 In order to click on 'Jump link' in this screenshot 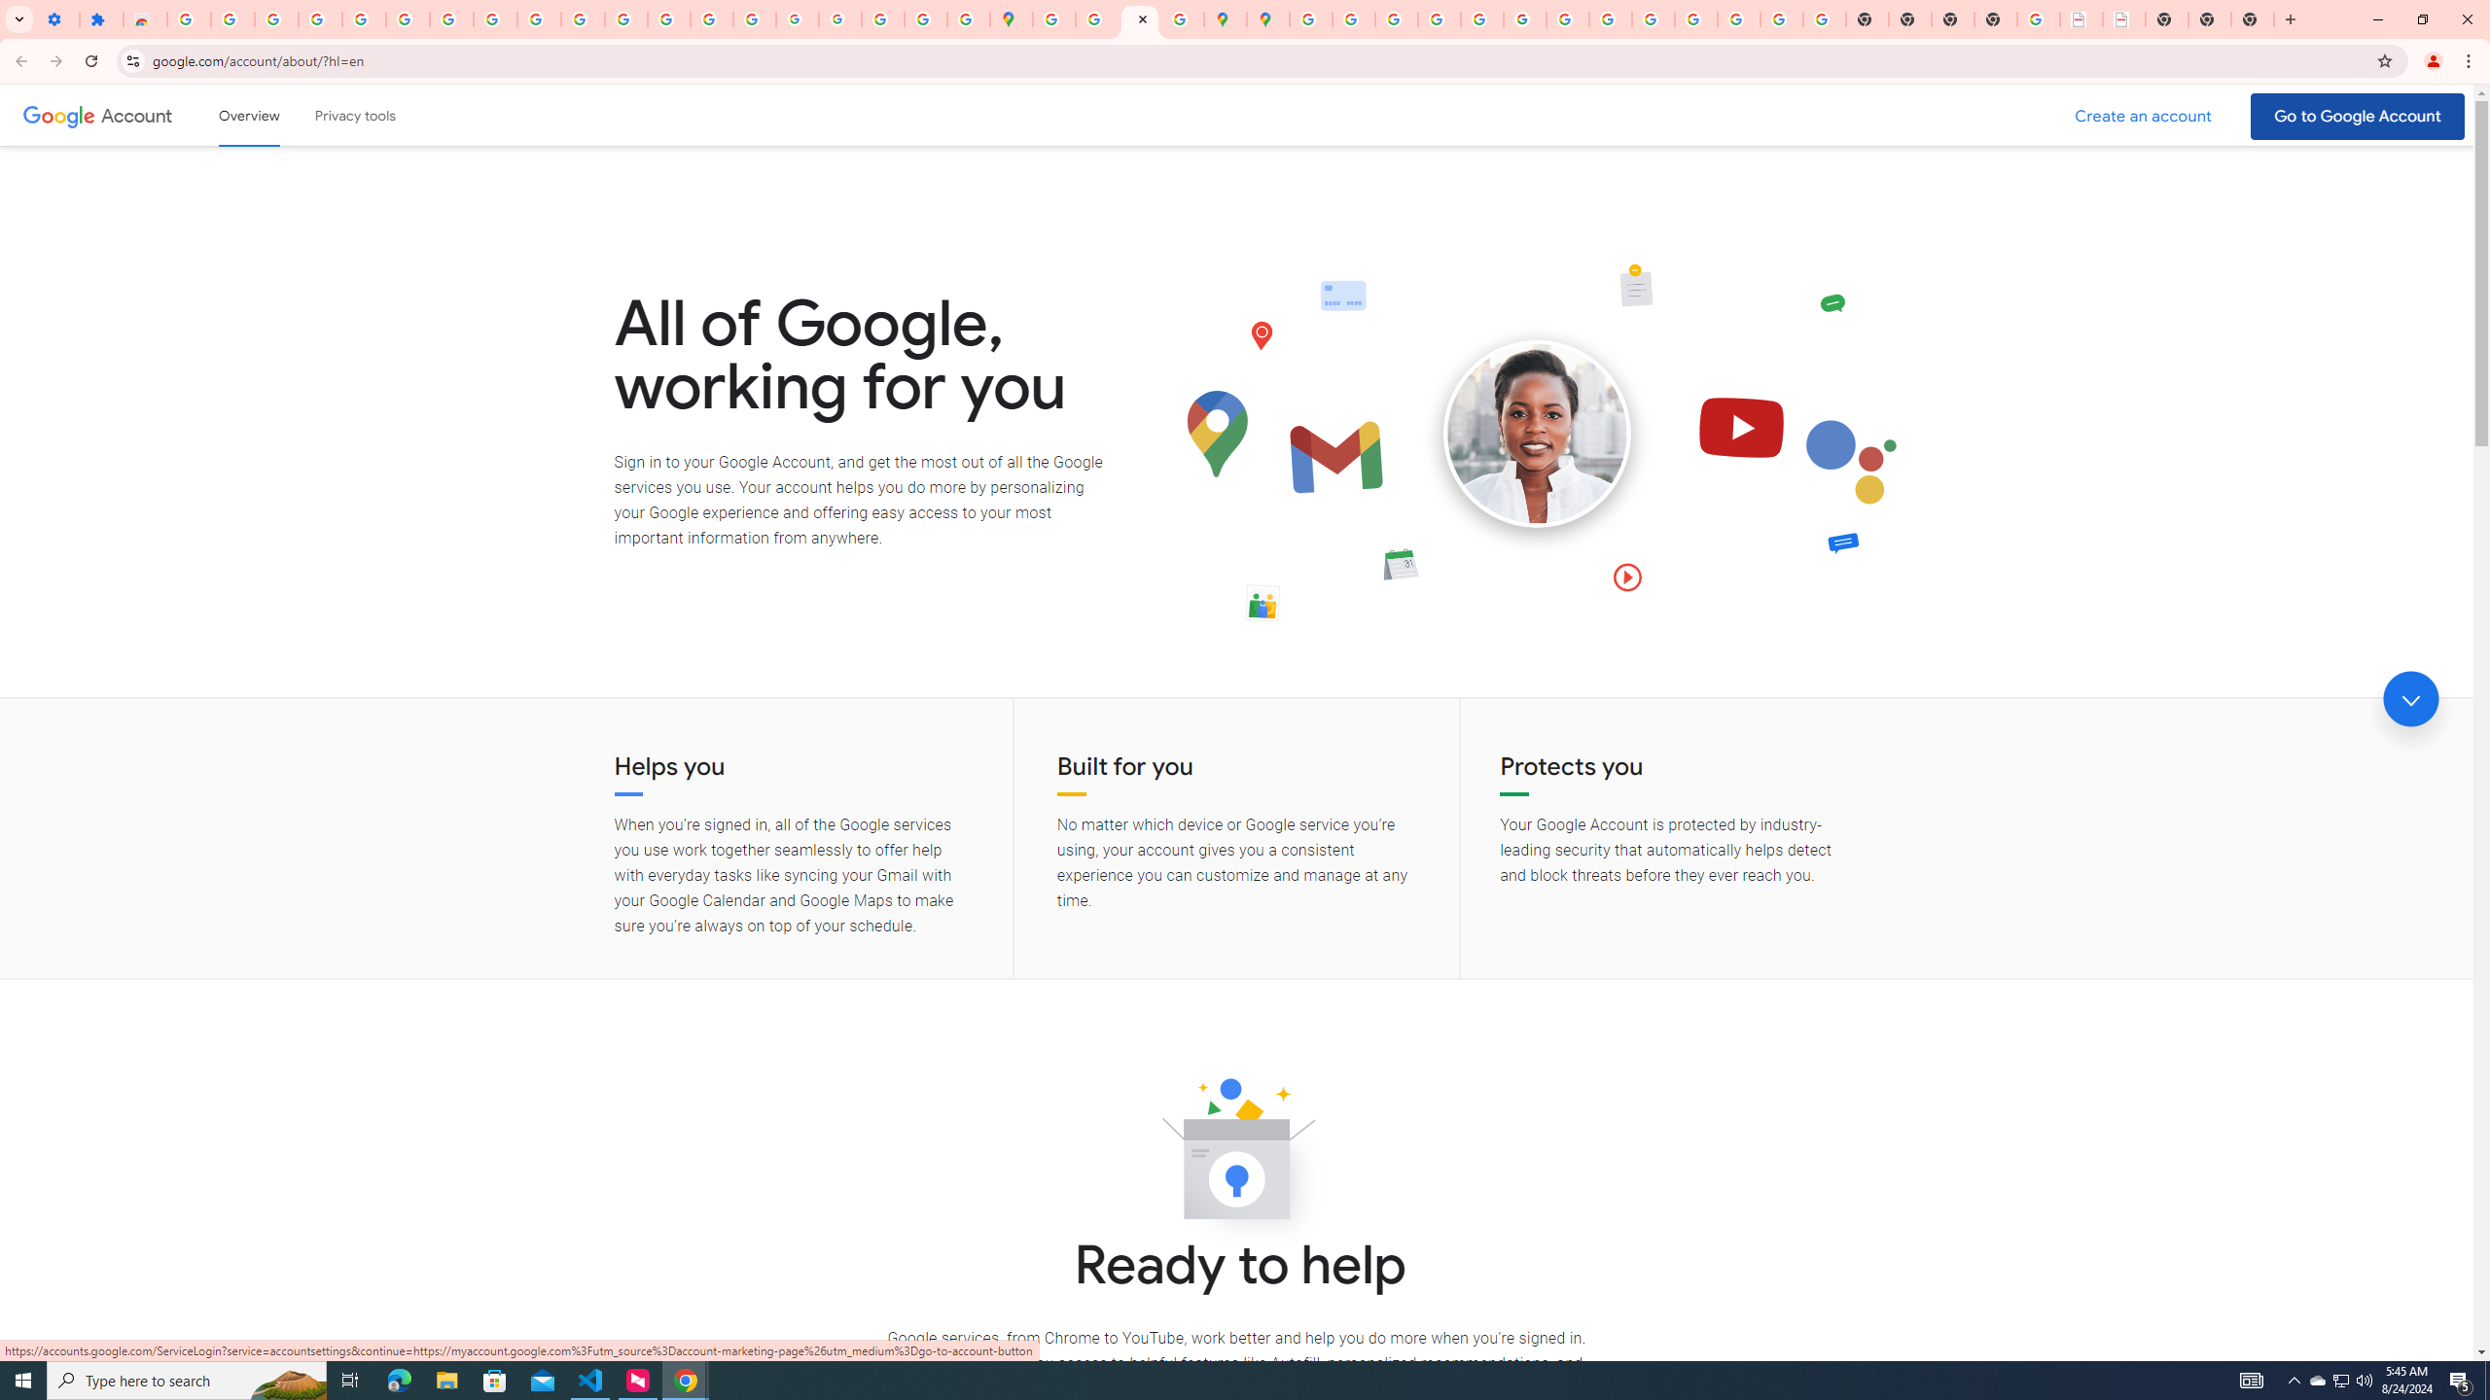, I will do `click(2410, 699)`.